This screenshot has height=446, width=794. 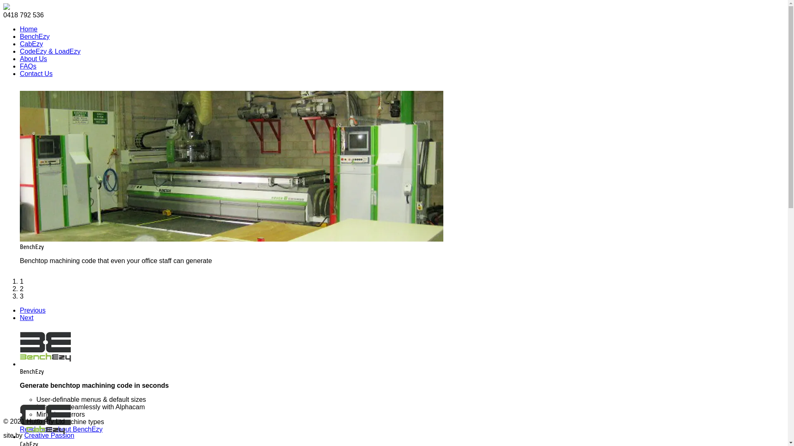 I want to click on '3', so click(x=22, y=296).